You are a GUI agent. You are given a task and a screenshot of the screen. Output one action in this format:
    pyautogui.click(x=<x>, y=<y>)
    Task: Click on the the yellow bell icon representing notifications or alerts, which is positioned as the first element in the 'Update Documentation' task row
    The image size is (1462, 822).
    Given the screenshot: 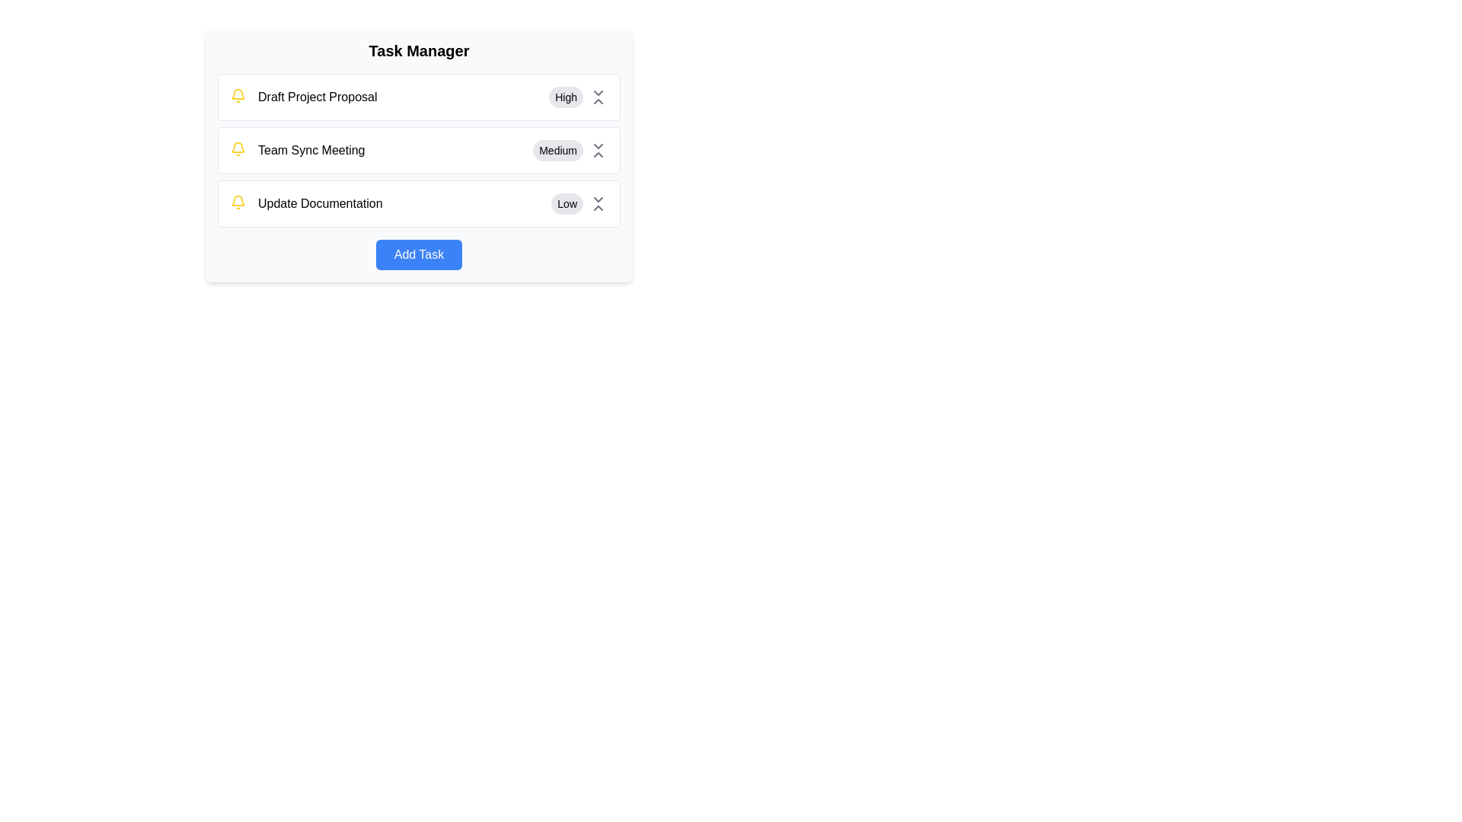 What is the action you would take?
    pyautogui.click(x=237, y=202)
    